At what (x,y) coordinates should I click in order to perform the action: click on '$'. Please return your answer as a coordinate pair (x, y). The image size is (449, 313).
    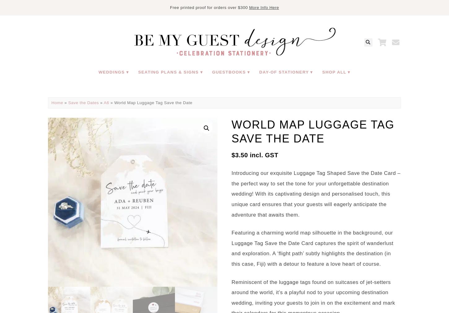
    Looking at the image, I should click on (233, 154).